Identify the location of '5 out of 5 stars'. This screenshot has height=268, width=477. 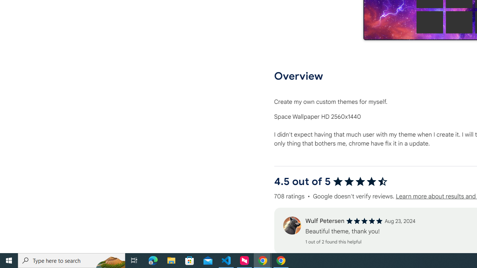
(364, 221).